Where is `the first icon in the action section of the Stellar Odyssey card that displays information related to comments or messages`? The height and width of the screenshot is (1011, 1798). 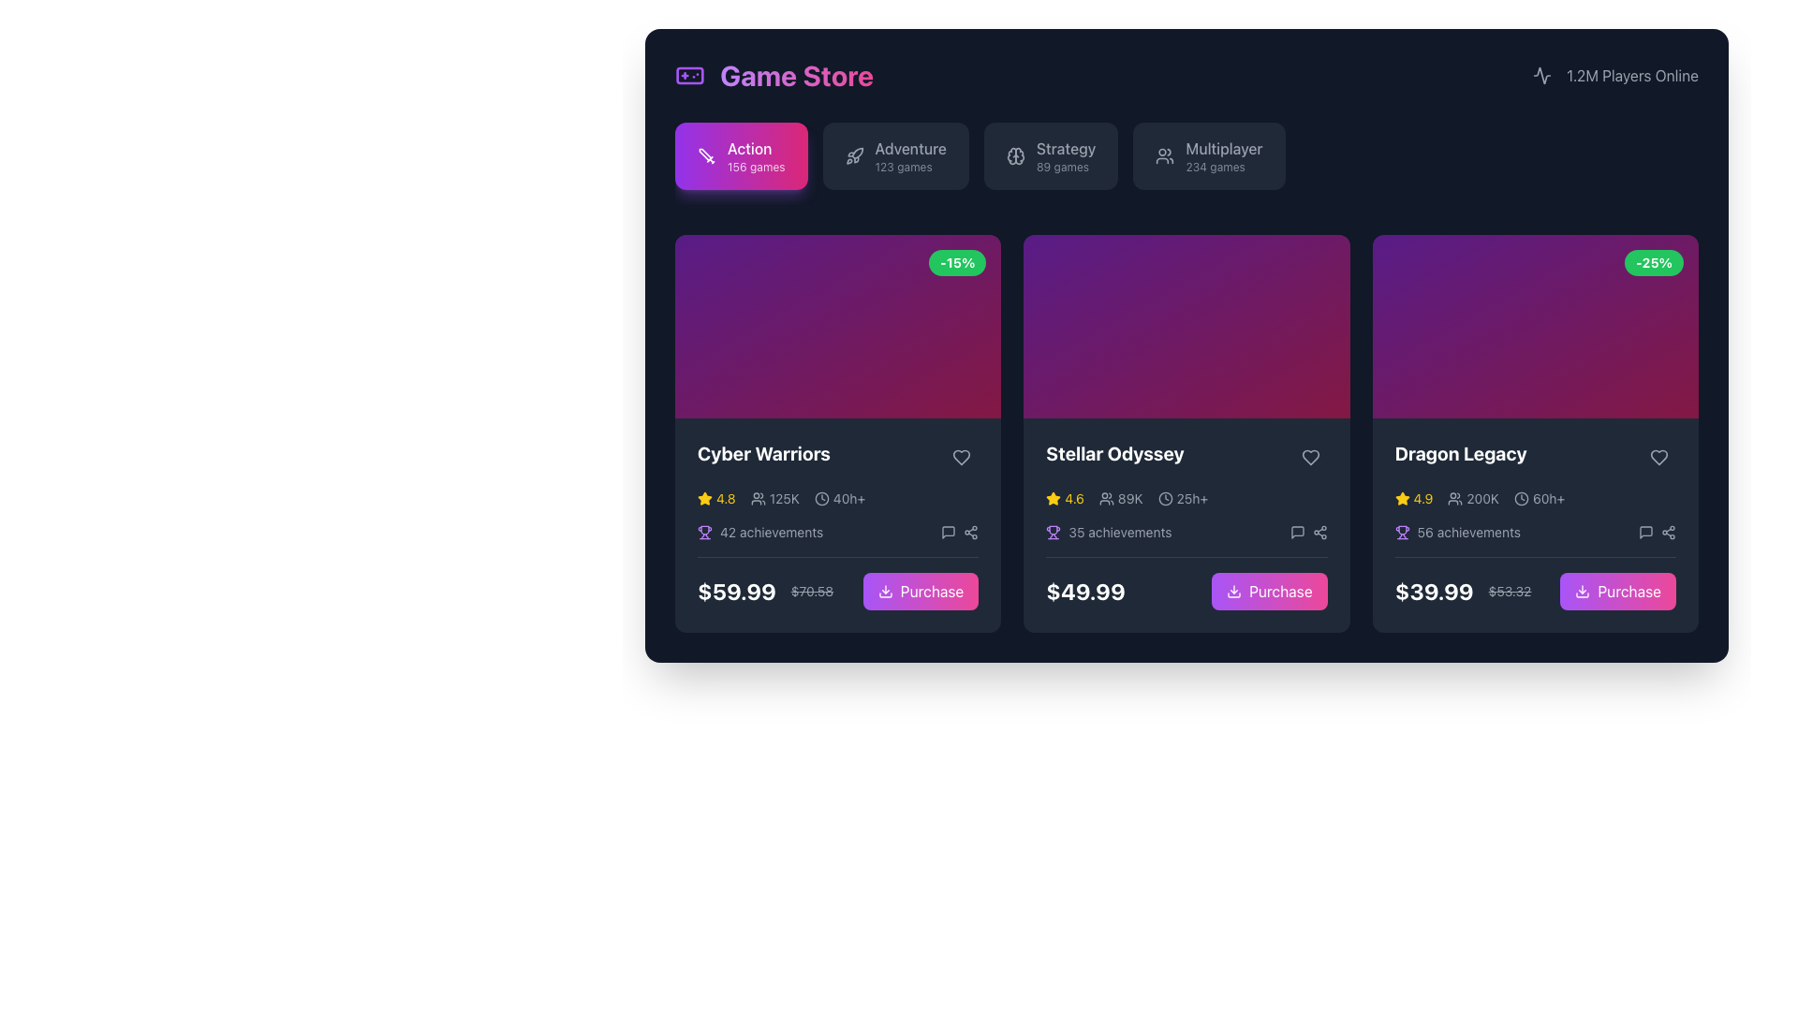
the first icon in the action section of the Stellar Odyssey card that displays information related to comments or messages is located at coordinates (1296, 532).